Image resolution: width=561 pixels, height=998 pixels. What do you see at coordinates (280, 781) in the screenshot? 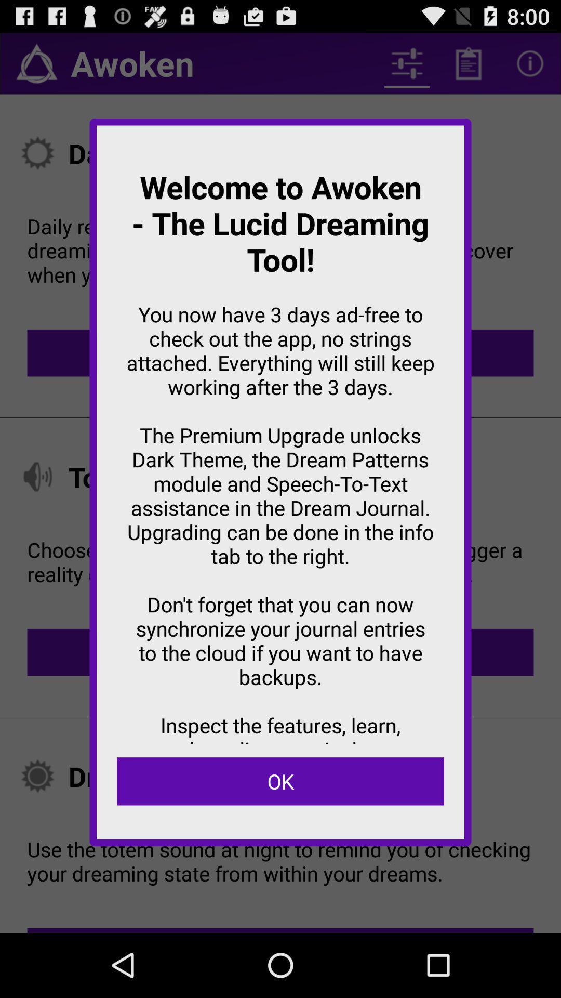
I see `icon below the welcome to awoken` at bounding box center [280, 781].